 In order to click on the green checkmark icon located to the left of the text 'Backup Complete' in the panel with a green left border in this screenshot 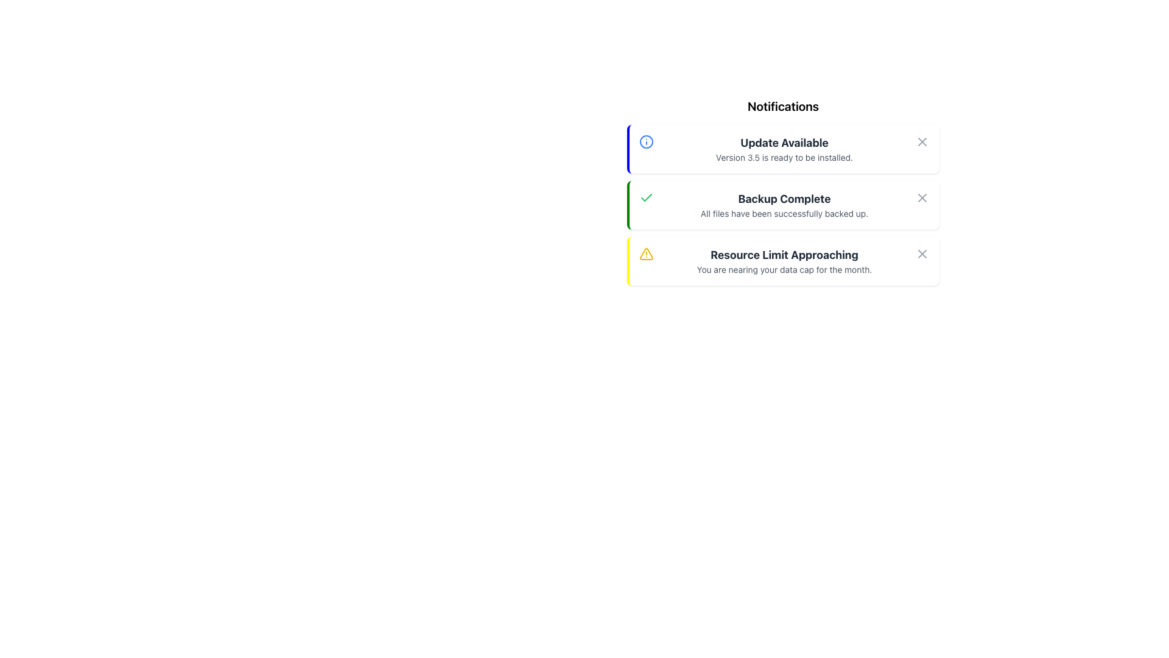, I will do `click(645, 197)`.